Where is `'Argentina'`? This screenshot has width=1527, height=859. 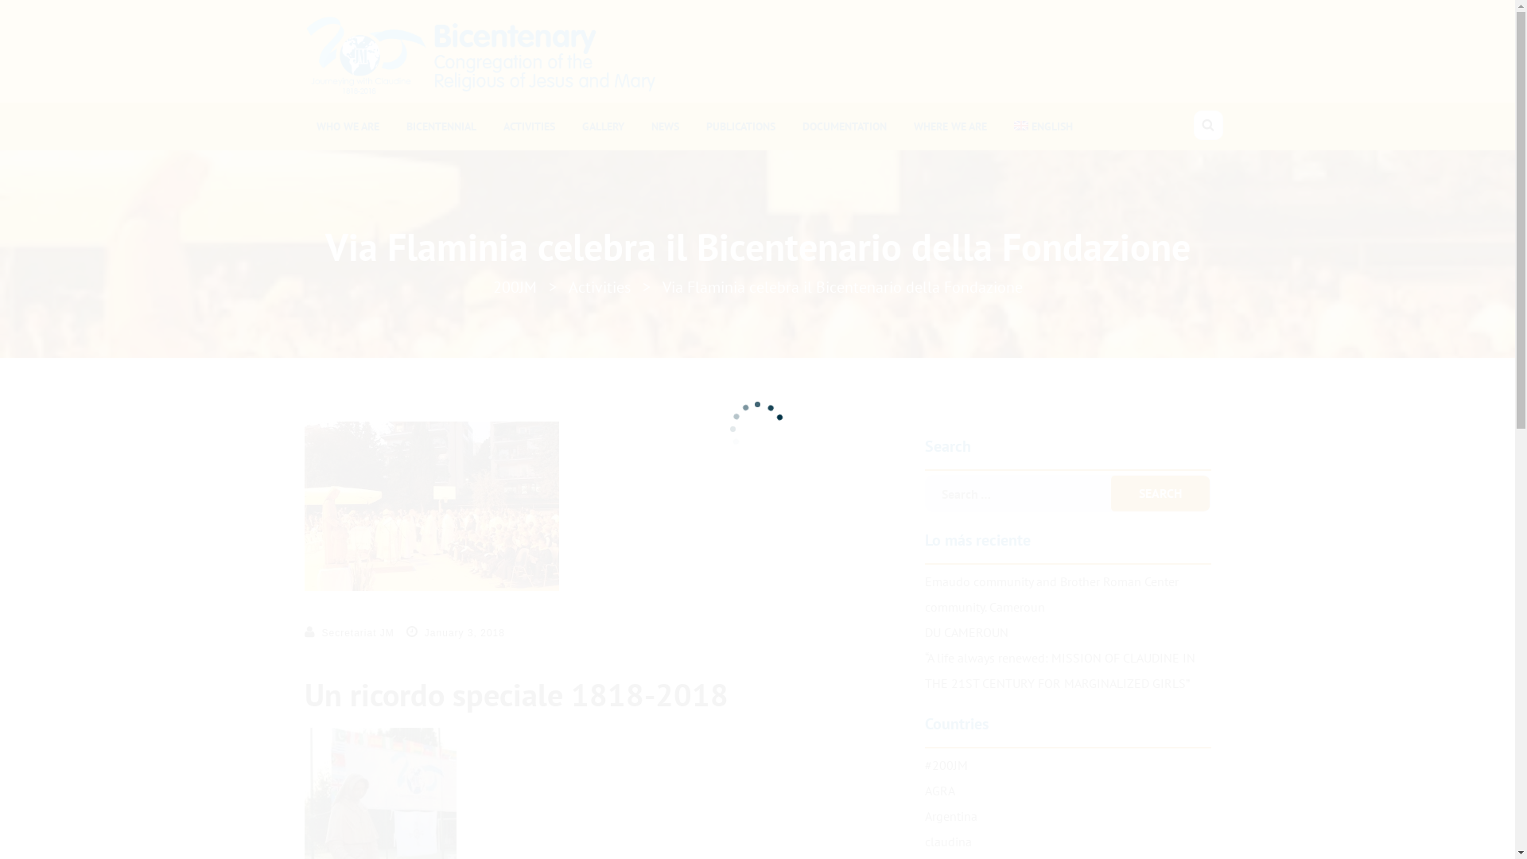
'Argentina' is located at coordinates (923, 816).